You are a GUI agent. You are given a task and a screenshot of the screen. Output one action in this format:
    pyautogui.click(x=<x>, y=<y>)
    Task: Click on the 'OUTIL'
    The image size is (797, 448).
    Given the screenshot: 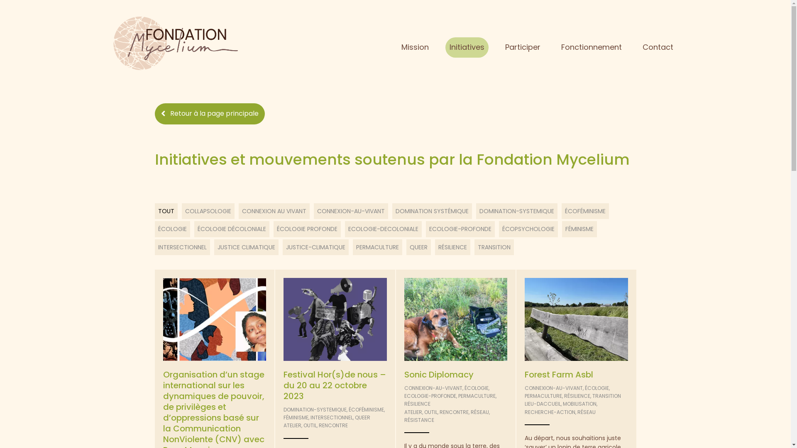 What is the action you would take?
    pyautogui.click(x=430, y=412)
    